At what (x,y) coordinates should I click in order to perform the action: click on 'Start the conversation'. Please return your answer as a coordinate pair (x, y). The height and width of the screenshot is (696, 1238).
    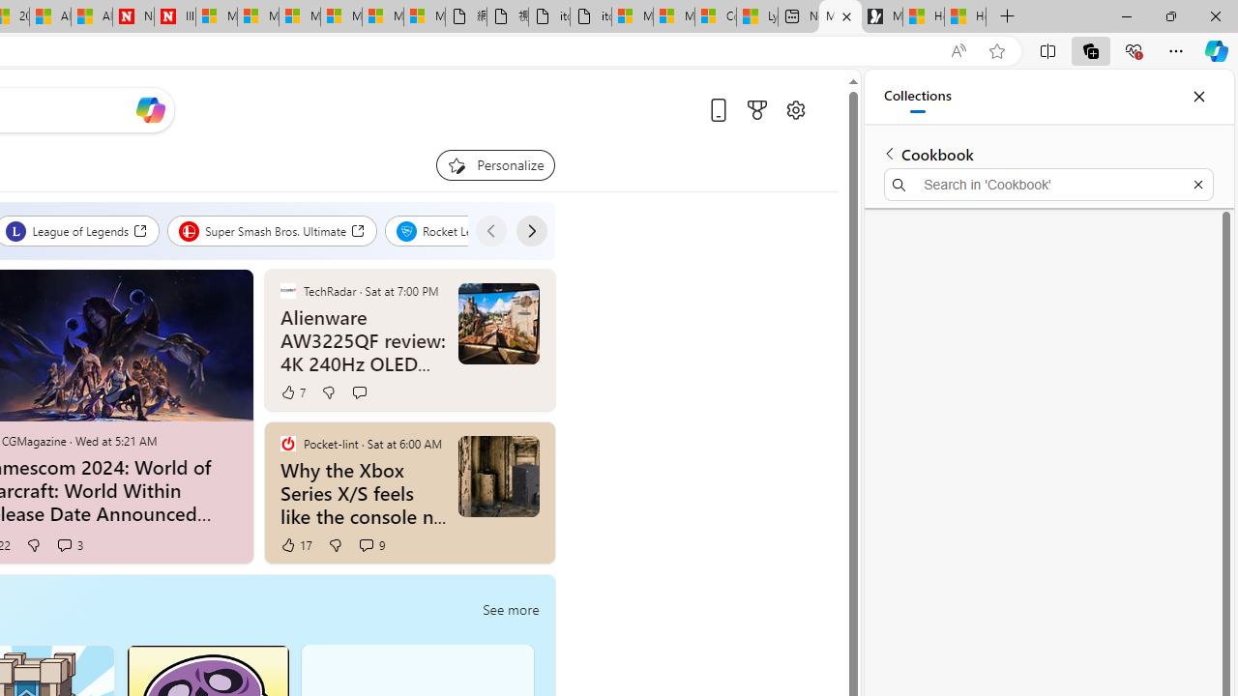
    Looking at the image, I should click on (359, 391).